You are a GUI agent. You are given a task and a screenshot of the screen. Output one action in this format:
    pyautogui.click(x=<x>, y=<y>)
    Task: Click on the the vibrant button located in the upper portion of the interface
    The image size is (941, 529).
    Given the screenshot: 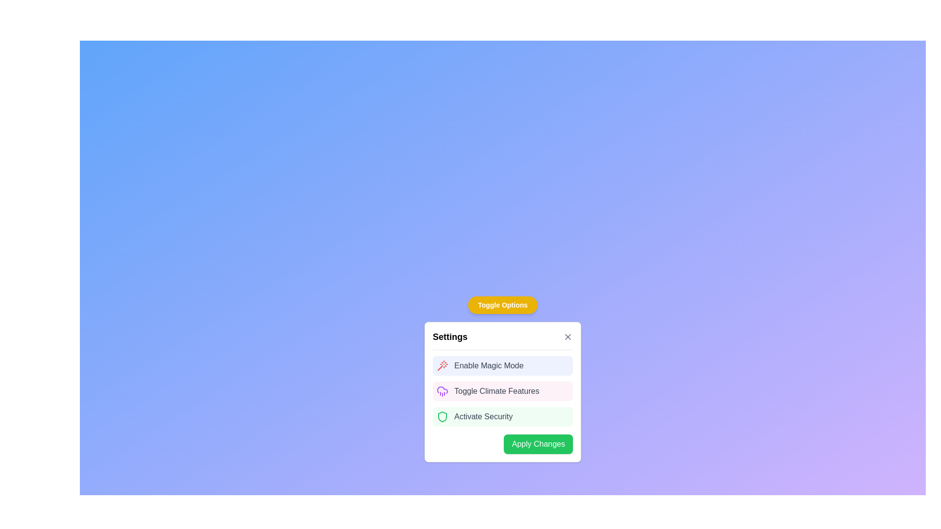 What is the action you would take?
    pyautogui.click(x=503, y=305)
    